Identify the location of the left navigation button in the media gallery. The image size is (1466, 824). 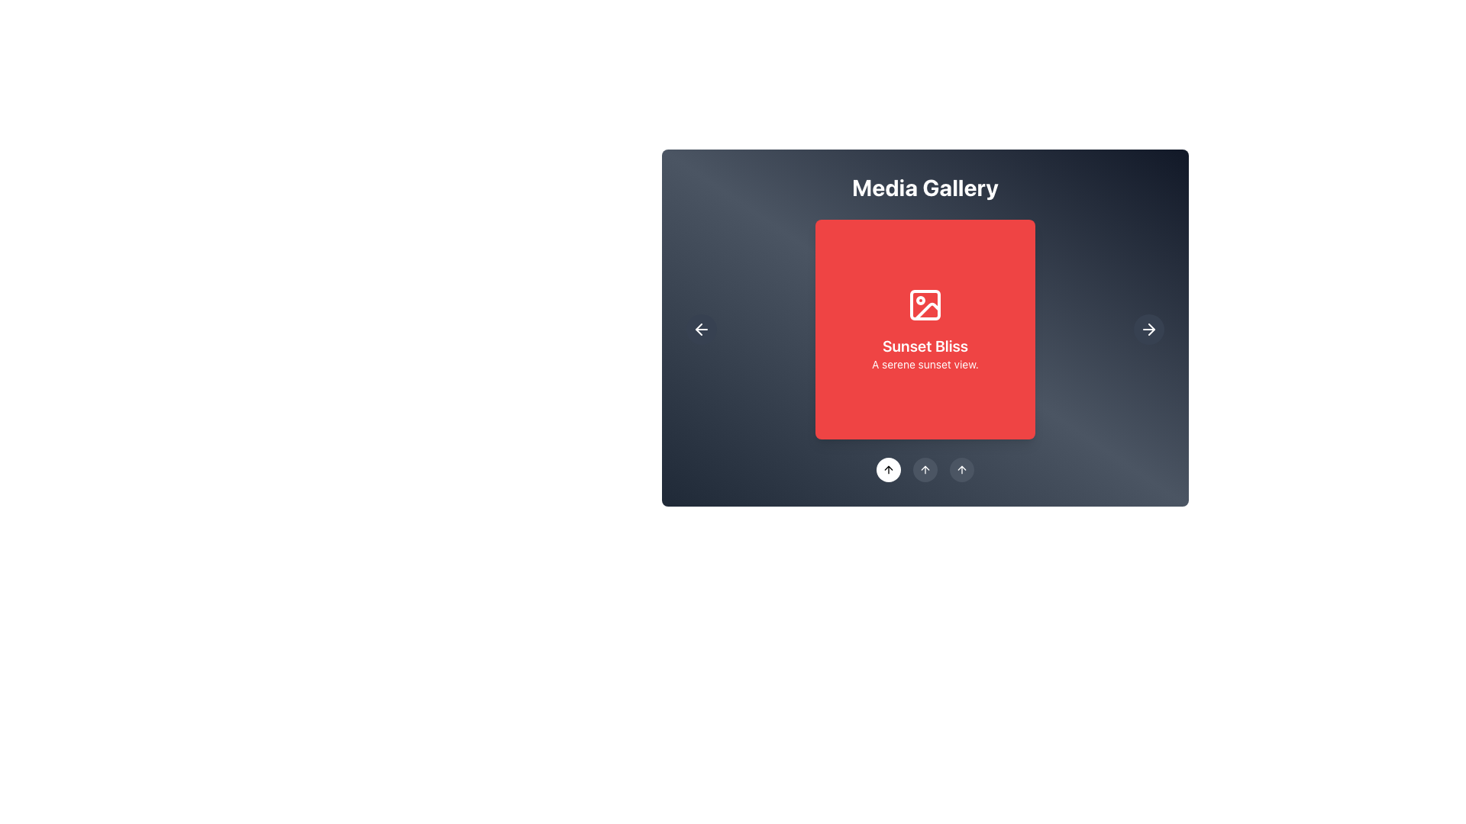
(700, 329).